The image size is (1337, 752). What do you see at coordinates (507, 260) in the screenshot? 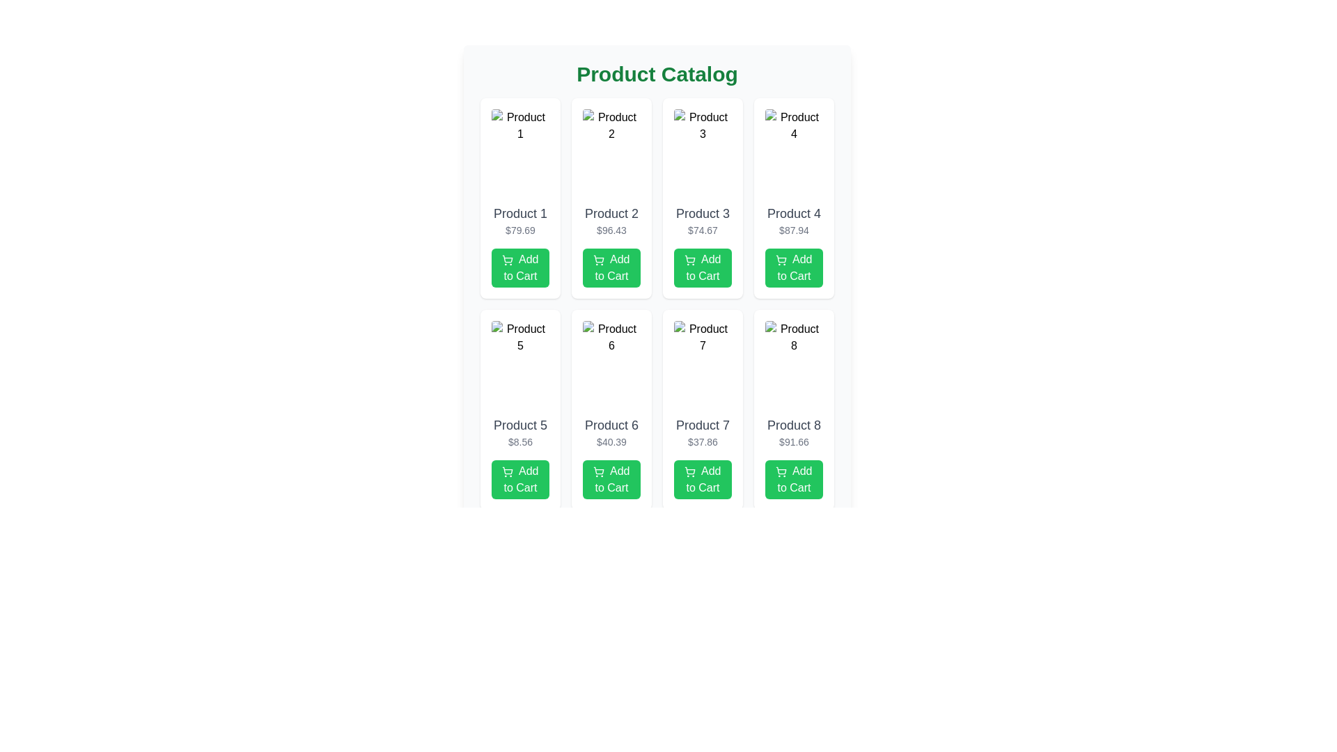
I see `the shopping cart icon located to the left of the 'Add to Cart' text within the button for 'Product 1' in the product catalog grid` at bounding box center [507, 260].